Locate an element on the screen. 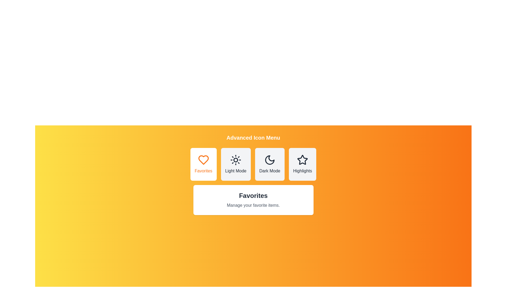 Image resolution: width=515 pixels, height=290 pixels. the 'Dark Mode' button is located at coordinates (270, 164).